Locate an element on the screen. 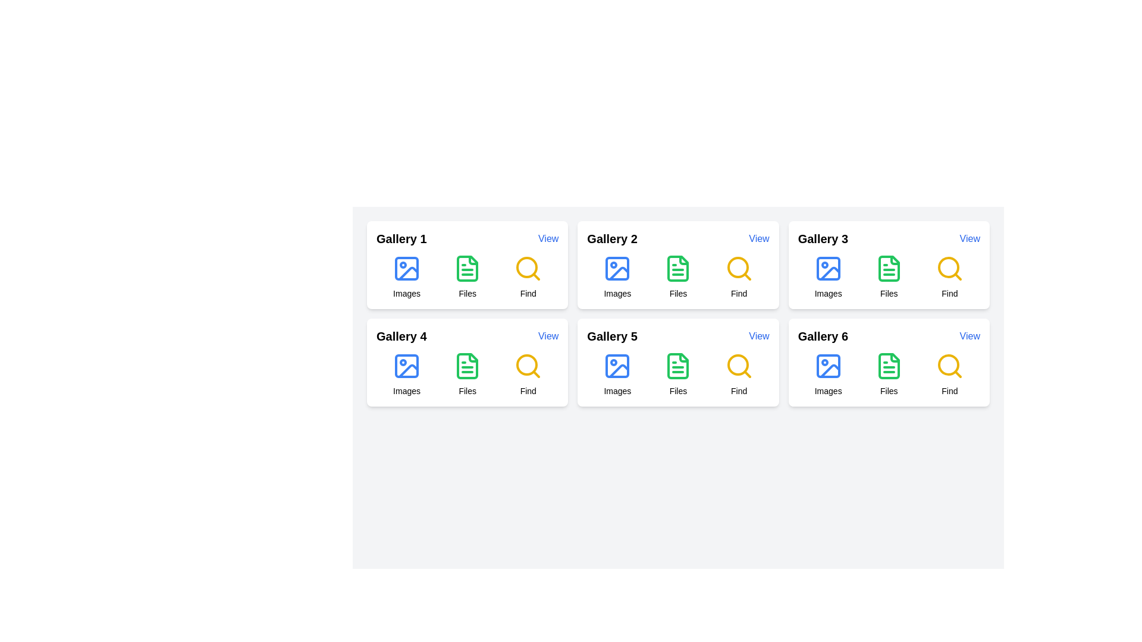 This screenshot has width=1142, height=642. the 'Gallery 6' card located in the bottom-right corner of the grid layout to emphasize its shadow effect is located at coordinates (889, 361).